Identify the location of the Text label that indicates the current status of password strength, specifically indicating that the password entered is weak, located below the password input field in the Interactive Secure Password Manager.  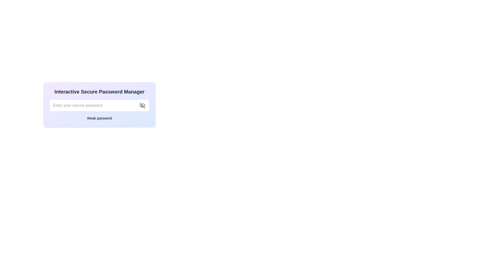
(99, 118).